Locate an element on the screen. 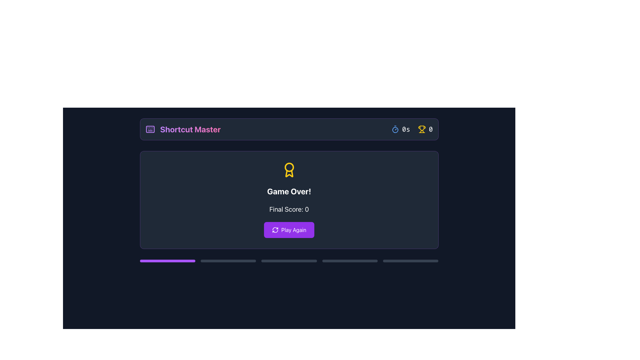  the SVG icon located inside the 'Play Again' button, which visually emphasizes the button's functionality to restart or replay is located at coordinates (275, 230).